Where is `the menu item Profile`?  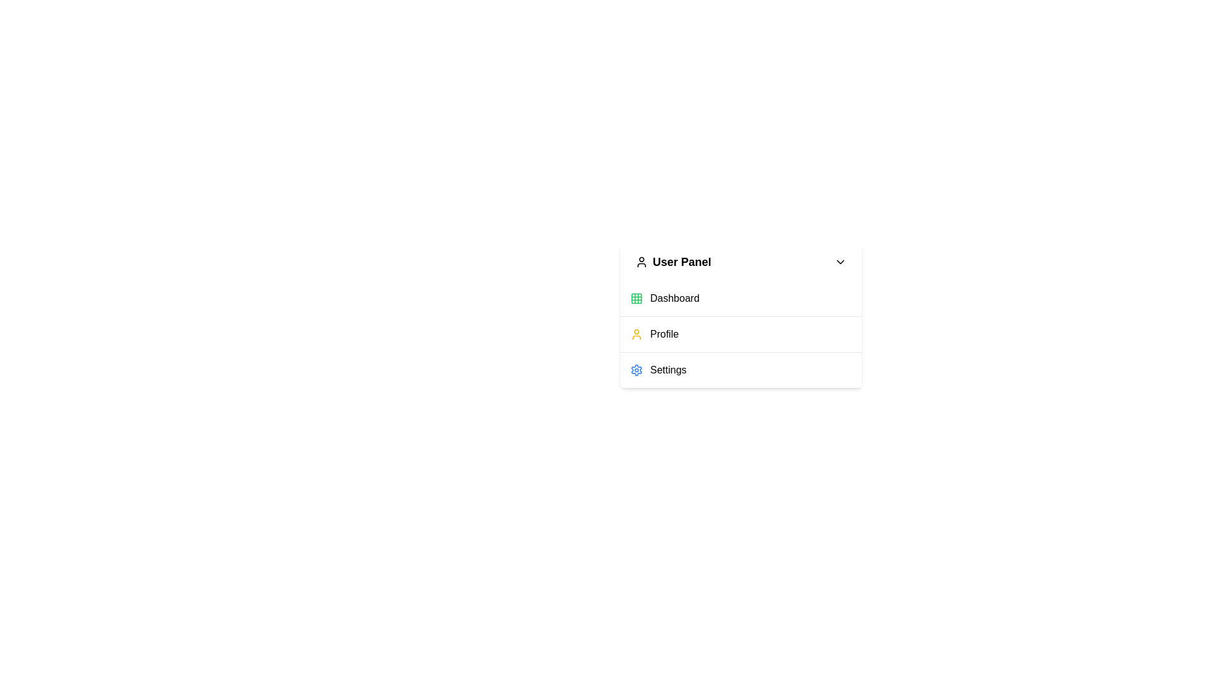 the menu item Profile is located at coordinates (741, 333).